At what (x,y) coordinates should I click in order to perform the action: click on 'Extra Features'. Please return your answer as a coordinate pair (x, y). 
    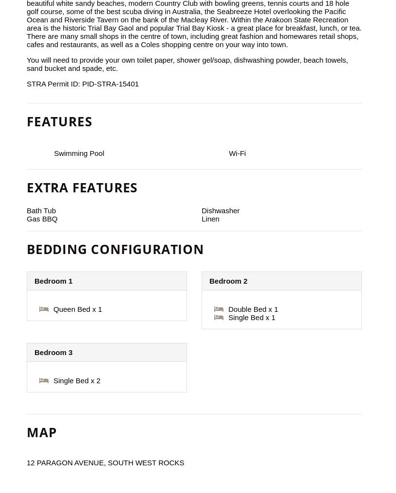
    Looking at the image, I should click on (26, 187).